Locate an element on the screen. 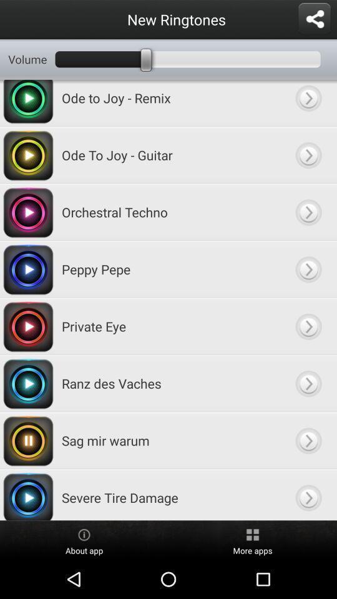 This screenshot has width=337, height=599. share ringtones is located at coordinates (313, 19).